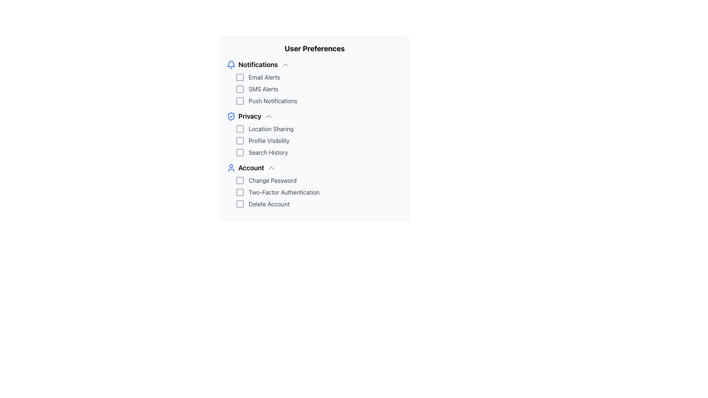 The height and width of the screenshot is (398, 708). Describe the element at coordinates (240, 77) in the screenshot. I see `the SVG graphical component representing the 'Email Alerts' preference option, located near the 'Notifications' section` at that location.